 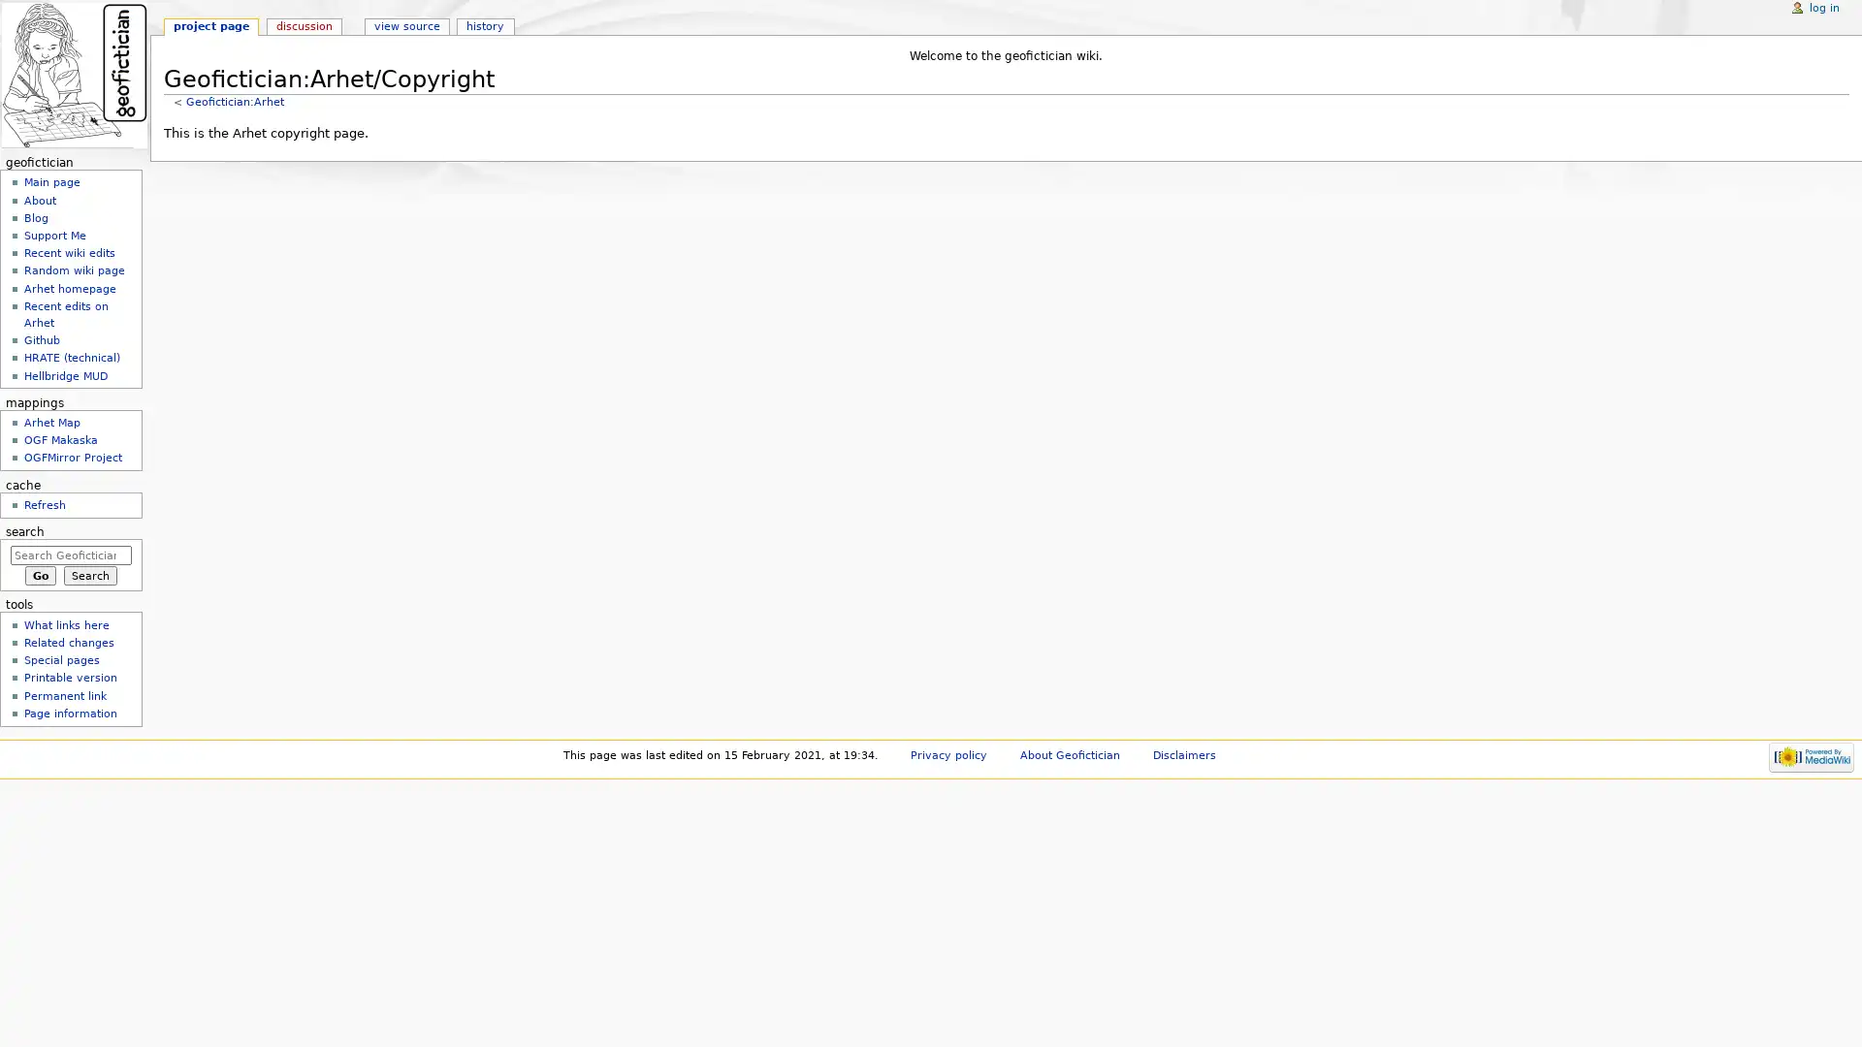 What do you see at coordinates (89, 575) in the screenshot?
I see `Search` at bounding box center [89, 575].